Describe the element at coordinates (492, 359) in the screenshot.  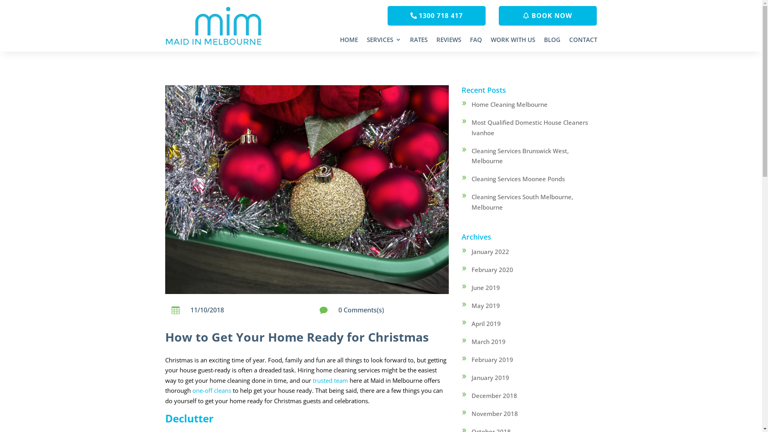
I see `'February 2019'` at that location.